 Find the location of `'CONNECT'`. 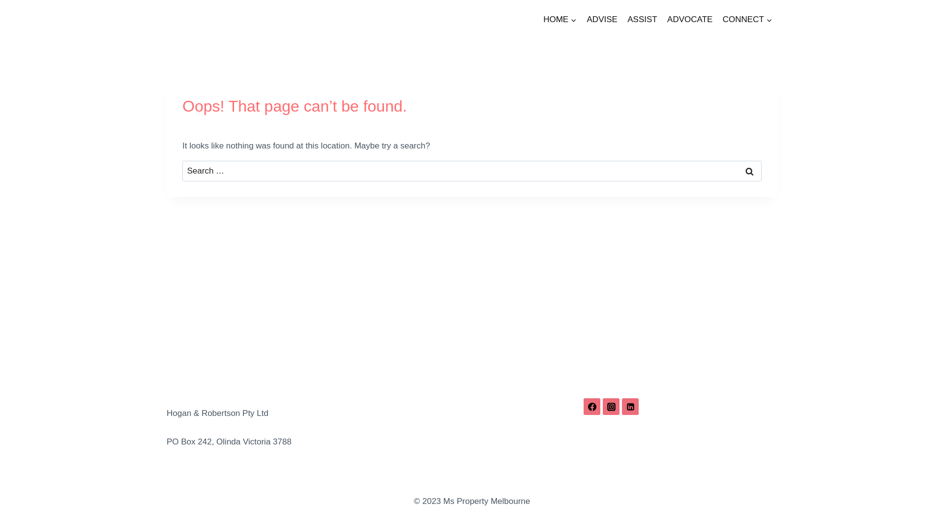

'CONNECT' is located at coordinates (747, 19).